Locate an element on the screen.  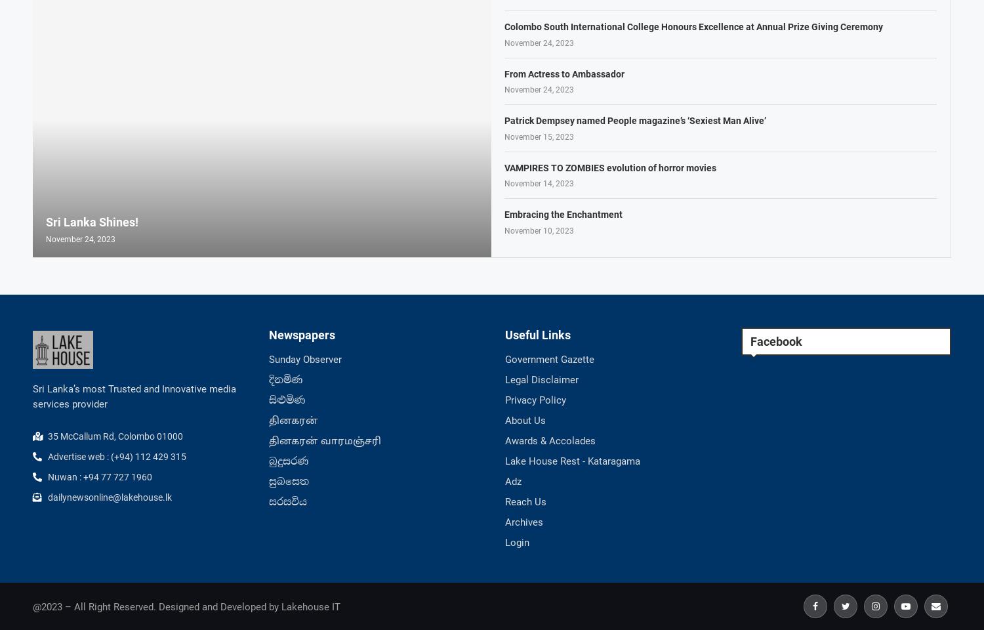
'November 15, 2023' is located at coordinates (539, 136).